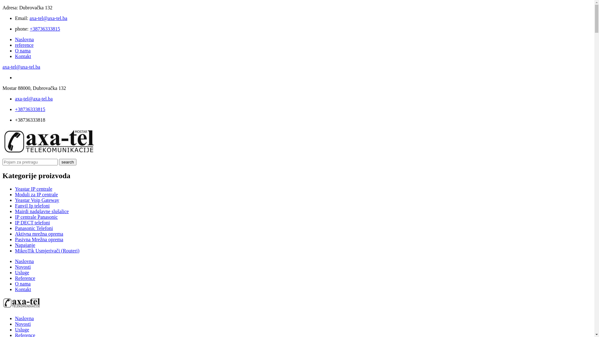 This screenshot has height=337, width=599. I want to click on '+38736333815', so click(30, 109).